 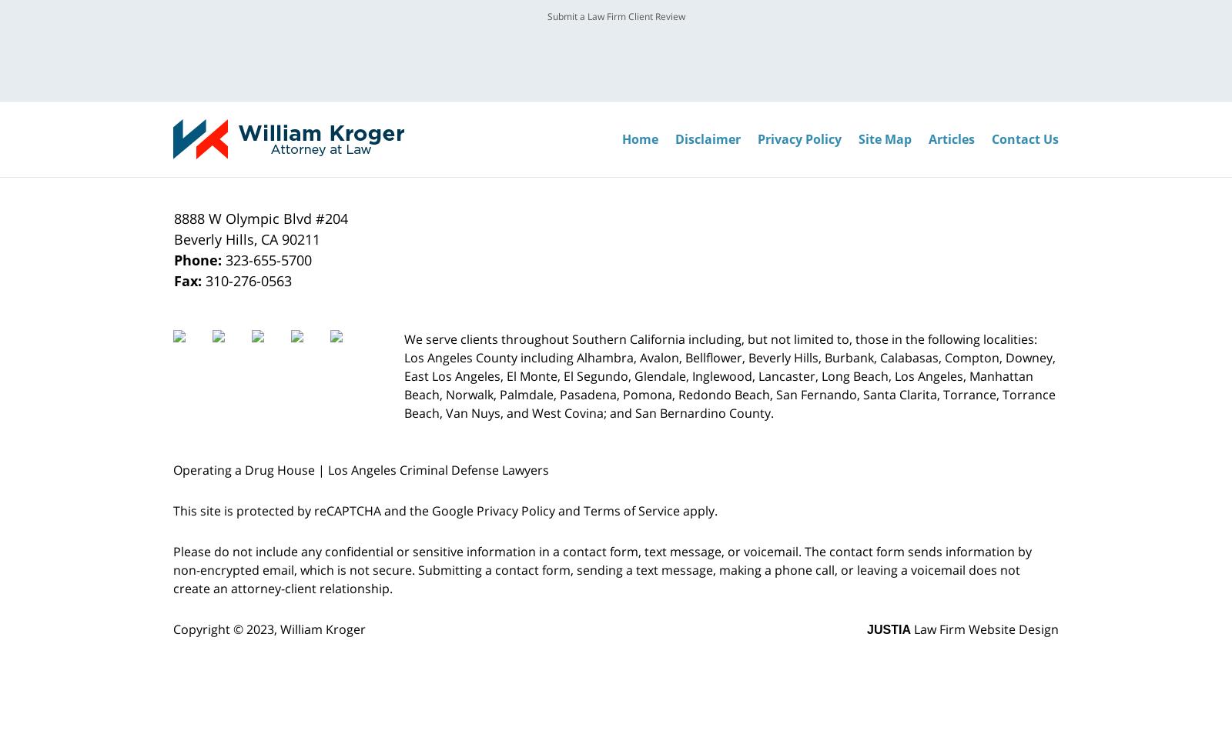 What do you see at coordinates (1024, 138) in the screenshot?
I see `'Contact Us'` at bounding box center [1024, 138].